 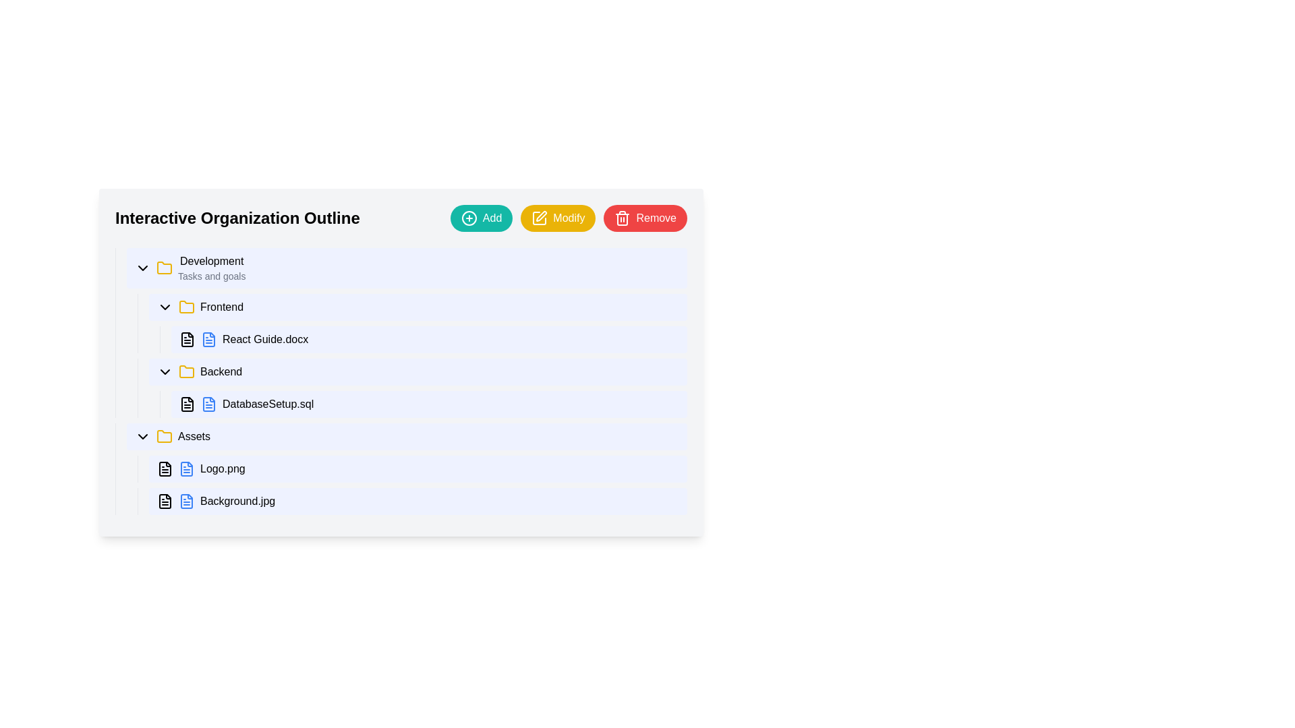 What do you see at coordinates (187, 339) in the screenshot?
I see `the icon representing the file 'React Guide.docx' located in the 'Frontend' section, which is the leftmost icon in its row` at bounding box center [187, 339].